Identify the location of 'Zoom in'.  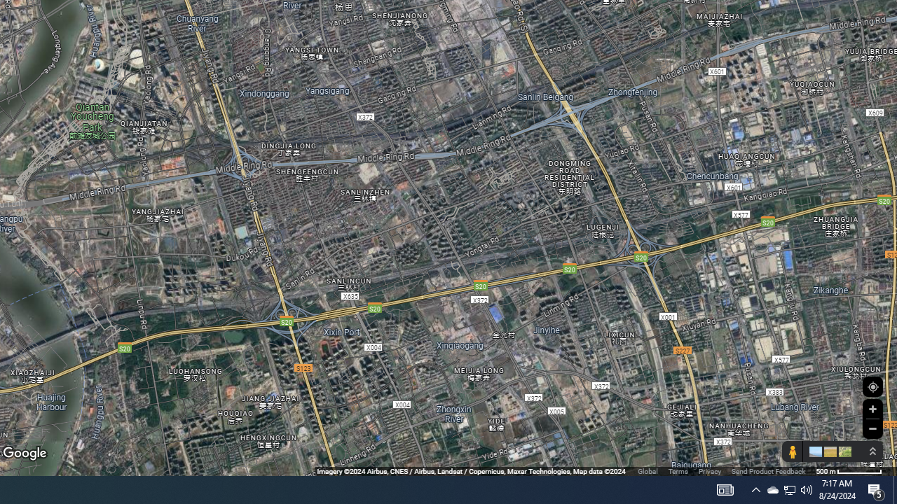
(872, 409).